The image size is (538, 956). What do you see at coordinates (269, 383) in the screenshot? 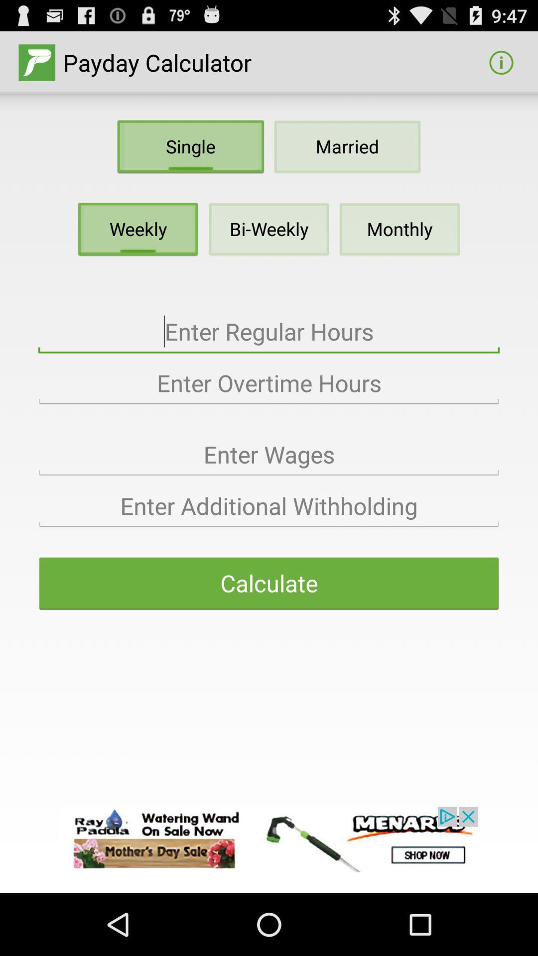
I see `enter overtime hours` at bounding box center [269, 383].